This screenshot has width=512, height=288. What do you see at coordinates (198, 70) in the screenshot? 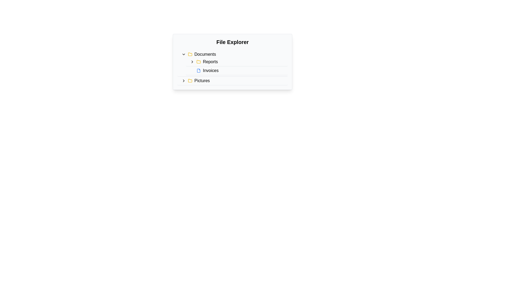
I see `the small blue document icon located to the left of the 'Invoices' label` at bounding box center [198, 70].